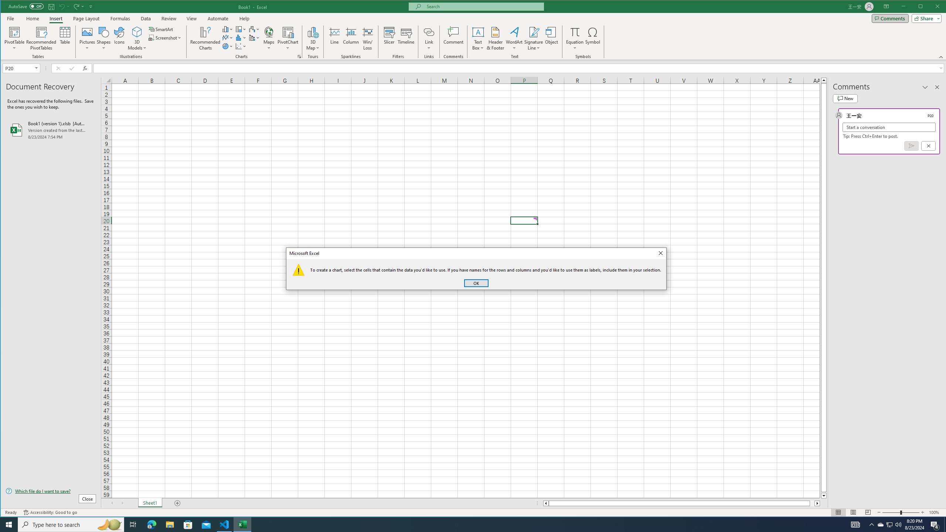 The width and height of the screenshot is (946, 532). I want to click on 'Win/Loss', so click(367, 38).